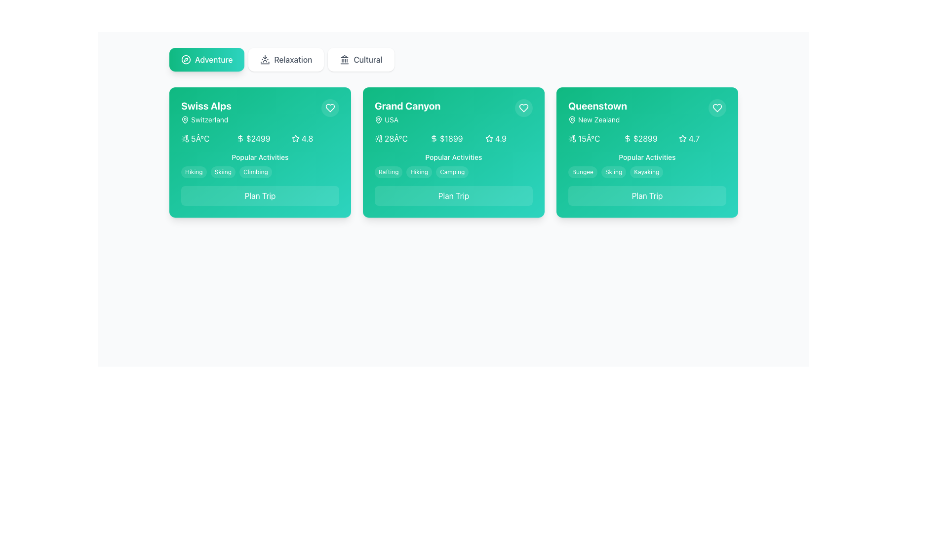 This screenshot has height=533, width=948. Describe the element at coordinates (205, 119) in the screenshot. I see `displayed text of the Text label indicating the location of the destination 'Switzerland' in the 'Swiss Alps' card, which is positioned below the title text and next to a location icon` at that location.